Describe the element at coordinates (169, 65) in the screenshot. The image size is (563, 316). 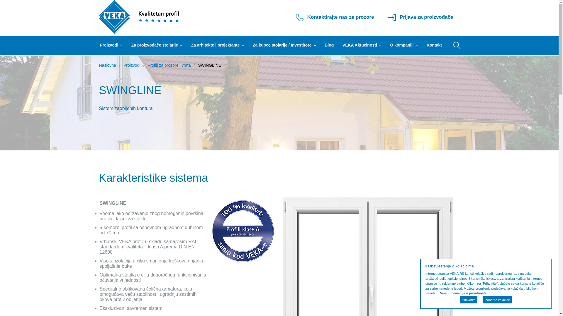
I see `'Profili za prozore i vrata'` at that location.